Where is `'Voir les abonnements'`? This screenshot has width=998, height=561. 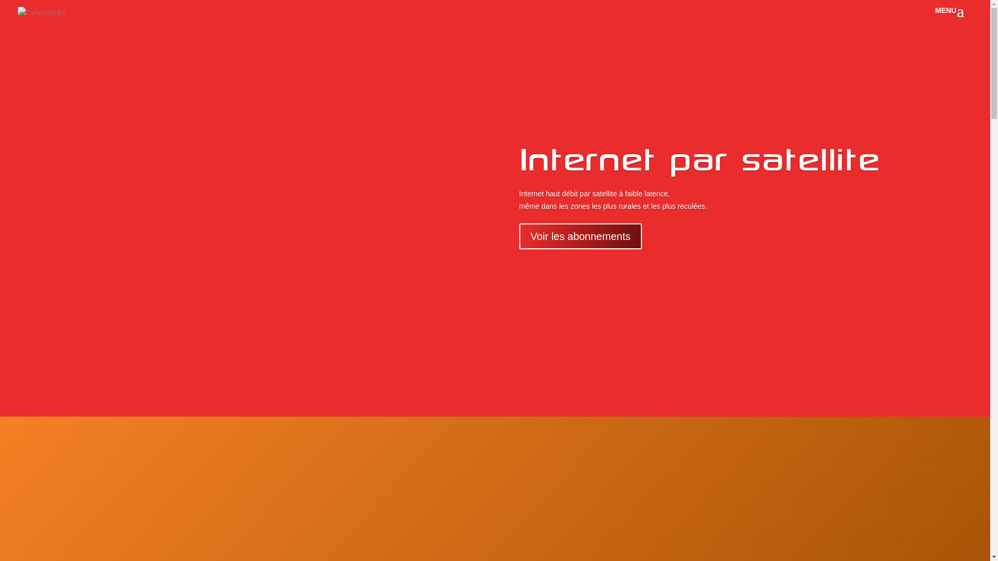 'Voir les abonnements' is located at coordinates (580, 236).